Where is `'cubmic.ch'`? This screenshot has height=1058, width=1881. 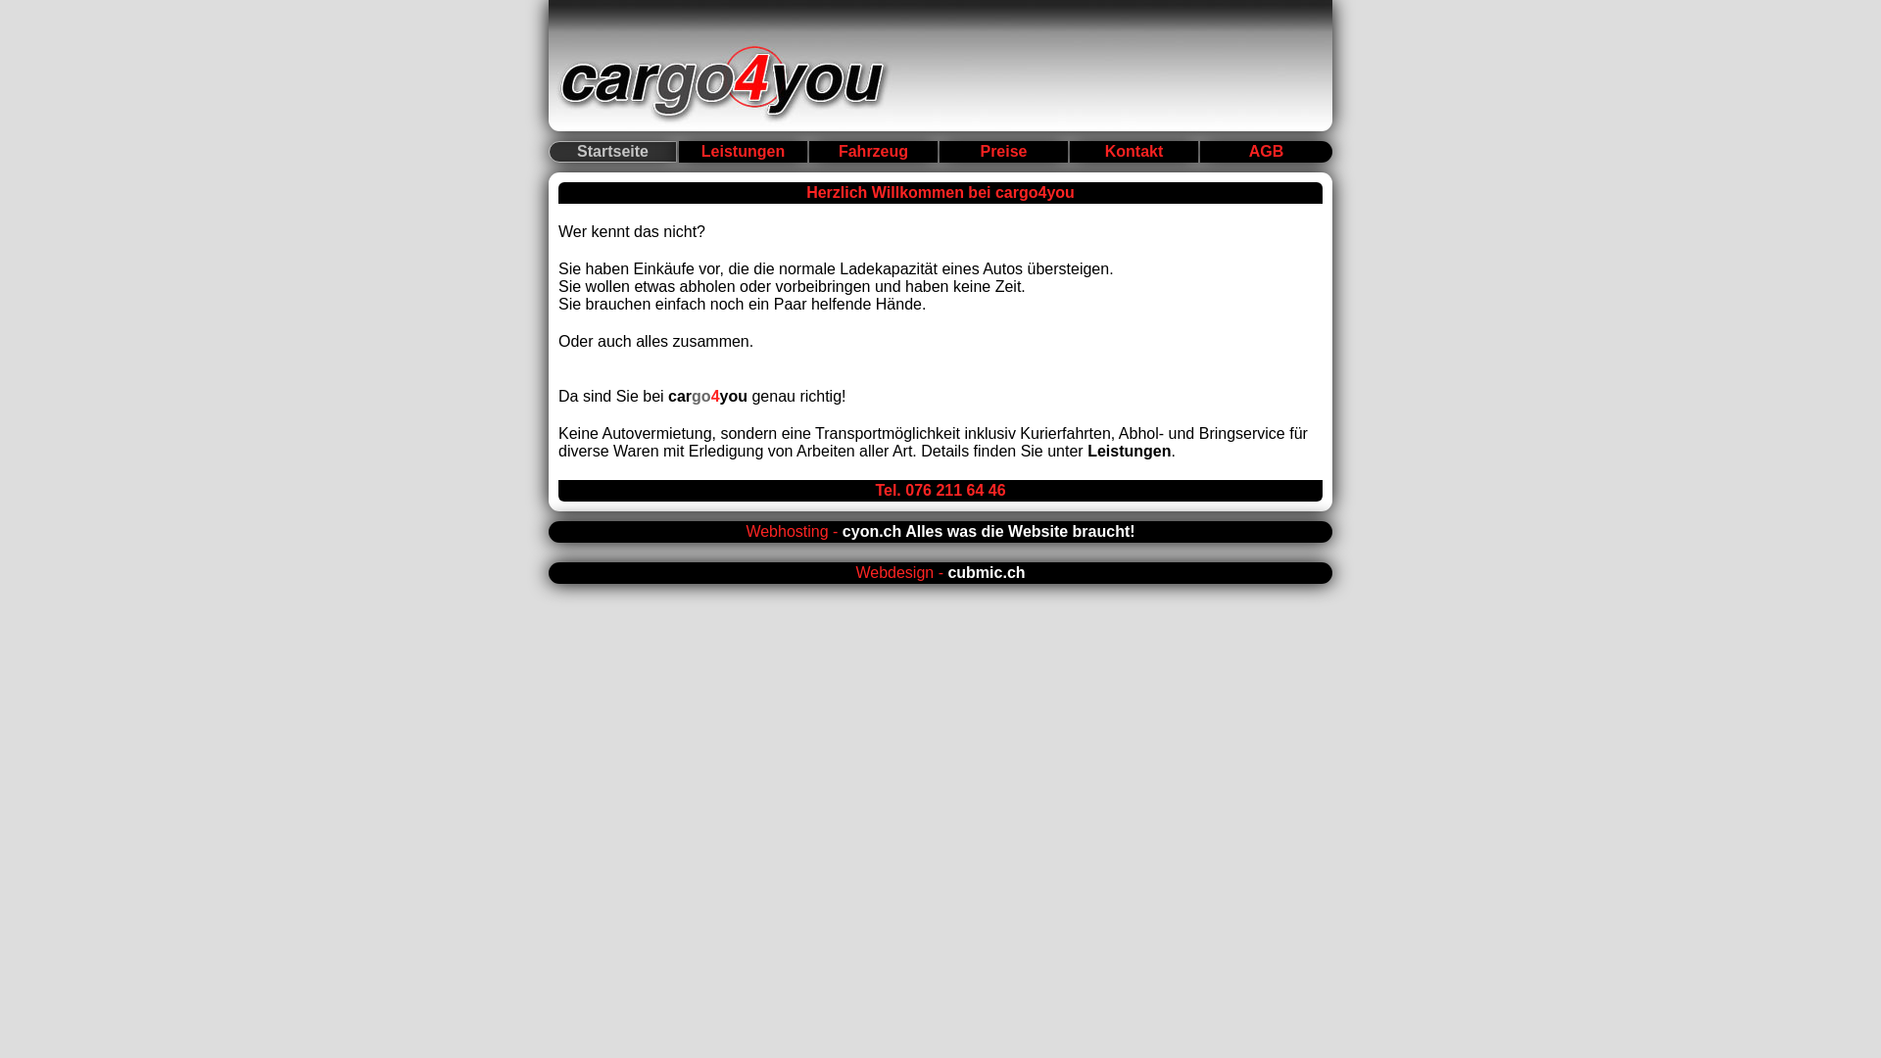
'cubmic.ch' is located at coordinates (946, 572).